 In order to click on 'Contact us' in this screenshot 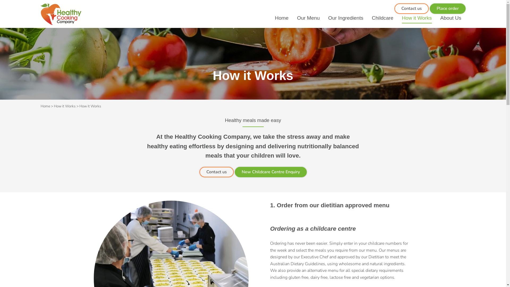, I will do `click(411, 9)`.